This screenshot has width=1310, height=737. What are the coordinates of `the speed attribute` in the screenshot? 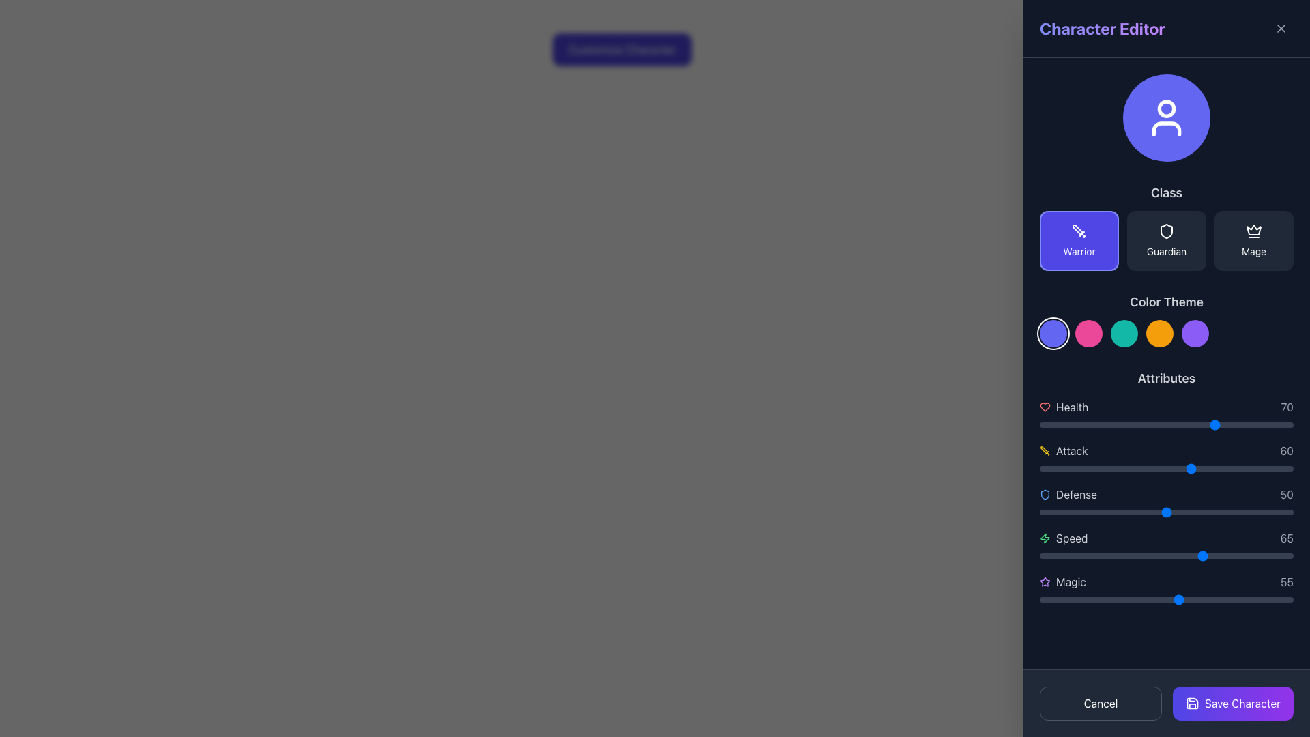 It's located at (1212, 555).